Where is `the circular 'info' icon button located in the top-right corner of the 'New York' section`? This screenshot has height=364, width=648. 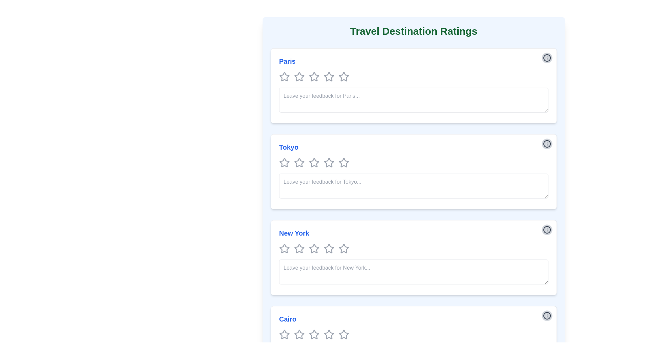 the circular 'info' icon button located in the top-right corner of the 'New York' section is located at coordinates (547, 230).